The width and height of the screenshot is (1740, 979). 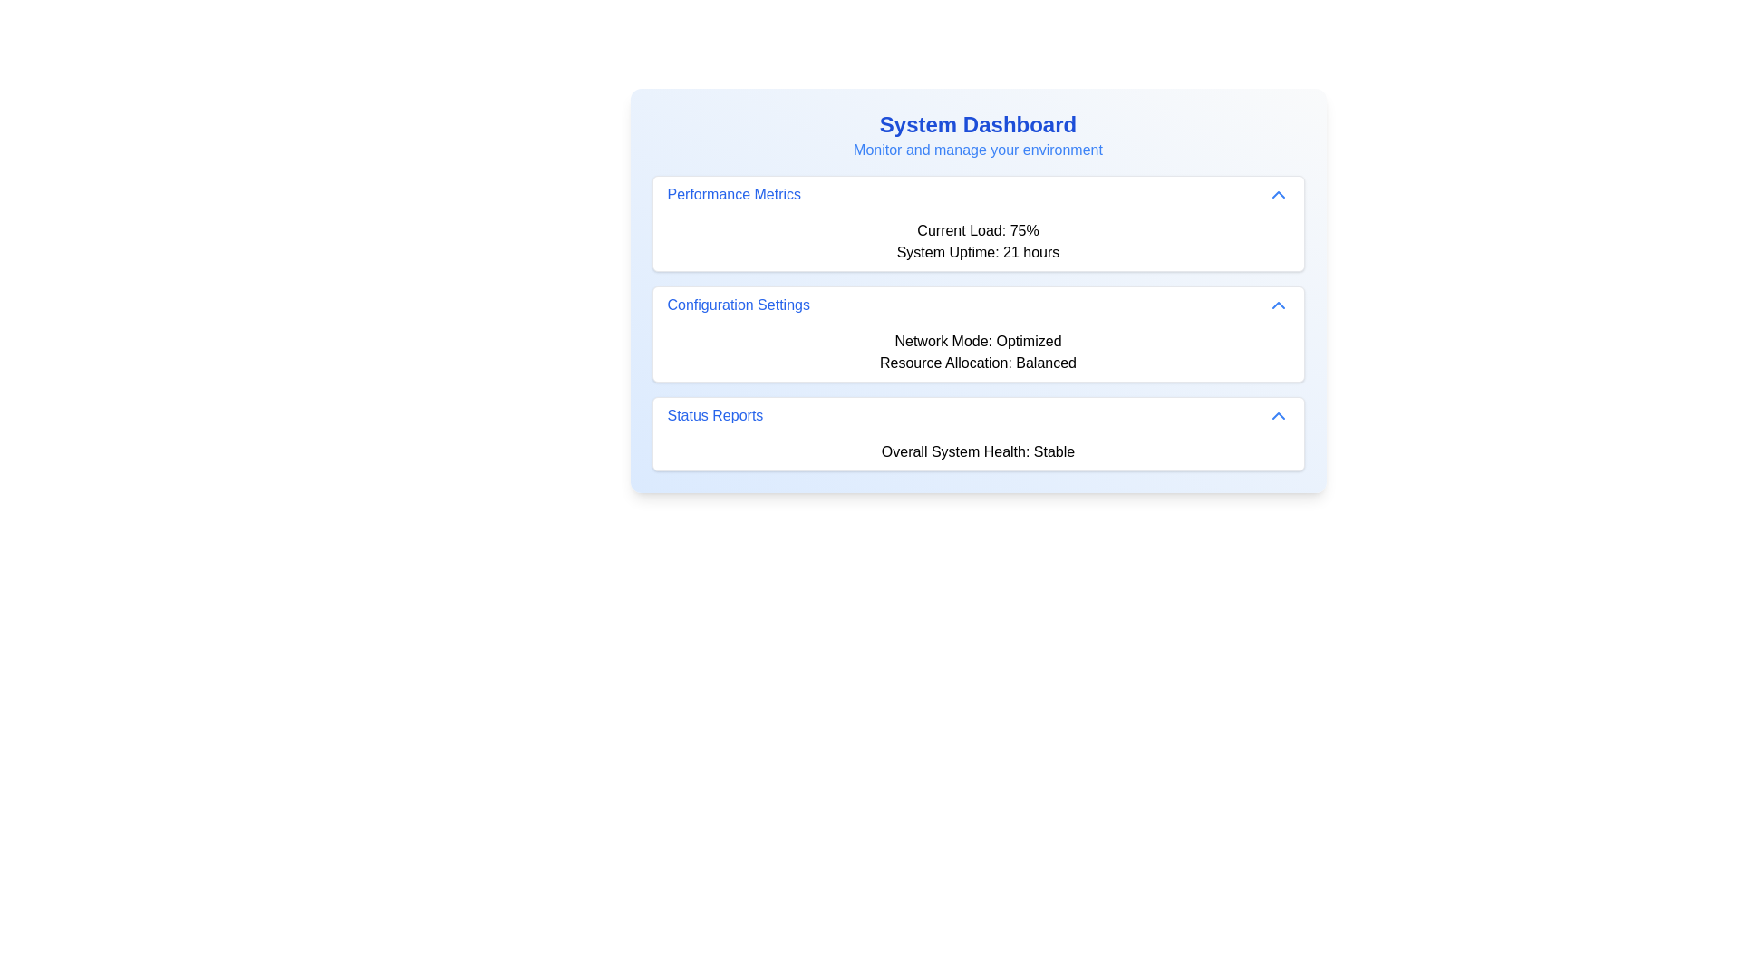 I want to click on the 'Performance Metrics' Information Card, which displays metrics such as 'Current Load: 75%' and 'System Uptime: 21 hours', located at the top of the list of cards, so click(x=977, y=222).